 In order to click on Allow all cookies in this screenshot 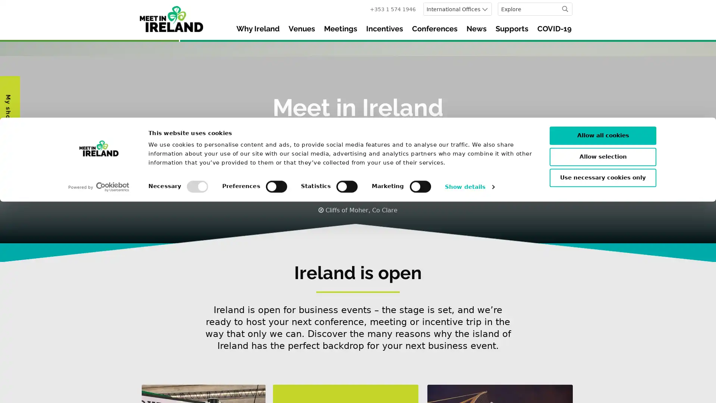, I will do `click(603, 337)`.